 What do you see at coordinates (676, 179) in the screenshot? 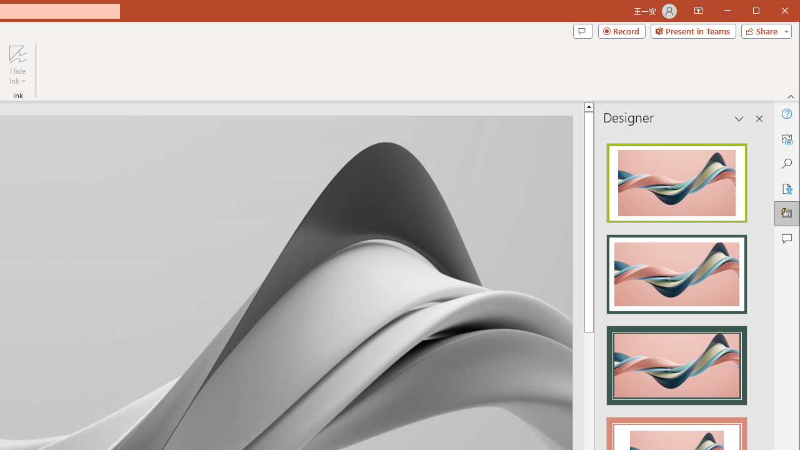
I see `'Recommended Design: Design Idea'` at bounding box center [676, 179].